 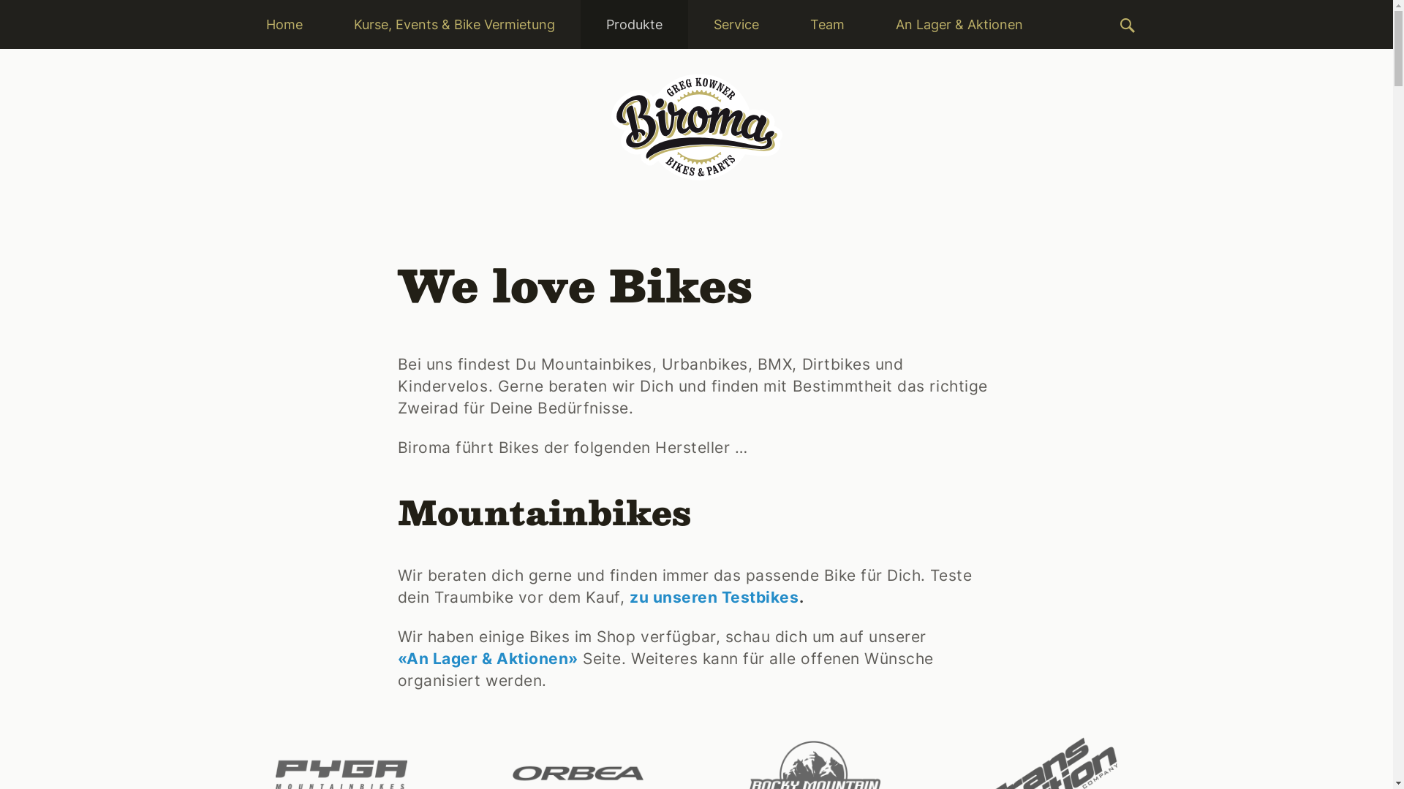 What do you see at coordinates (695, 126) in the screenshot?
I see `'Biroma Bikes & Parts'` at bounding box center [695, 126].